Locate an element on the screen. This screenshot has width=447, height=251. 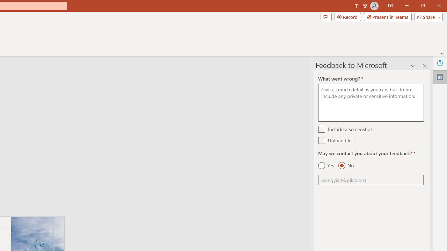
'No' is located at coordinates (346, 166).